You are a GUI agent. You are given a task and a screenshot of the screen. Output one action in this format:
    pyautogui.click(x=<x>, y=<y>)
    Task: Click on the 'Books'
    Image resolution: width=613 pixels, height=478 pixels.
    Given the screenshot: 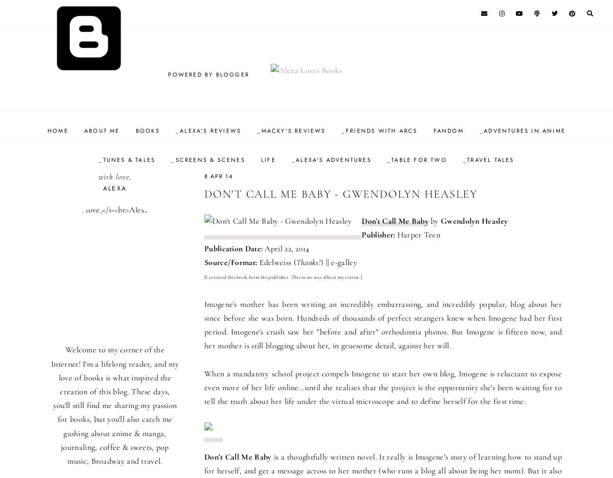 What is the action you would take?
    pyautogui.click(x=134, y=130)
    